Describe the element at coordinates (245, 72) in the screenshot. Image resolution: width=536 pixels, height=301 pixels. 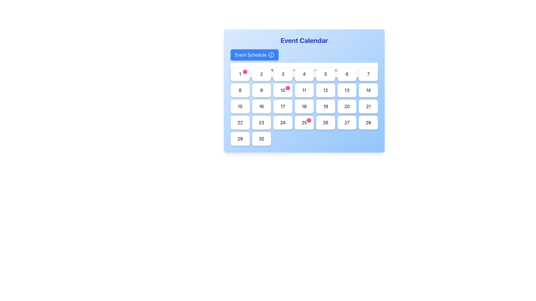
I see `the Notification Badge at the top-right corner of the calendar cell labeled '1' in the Event Calendar interface` at that location.